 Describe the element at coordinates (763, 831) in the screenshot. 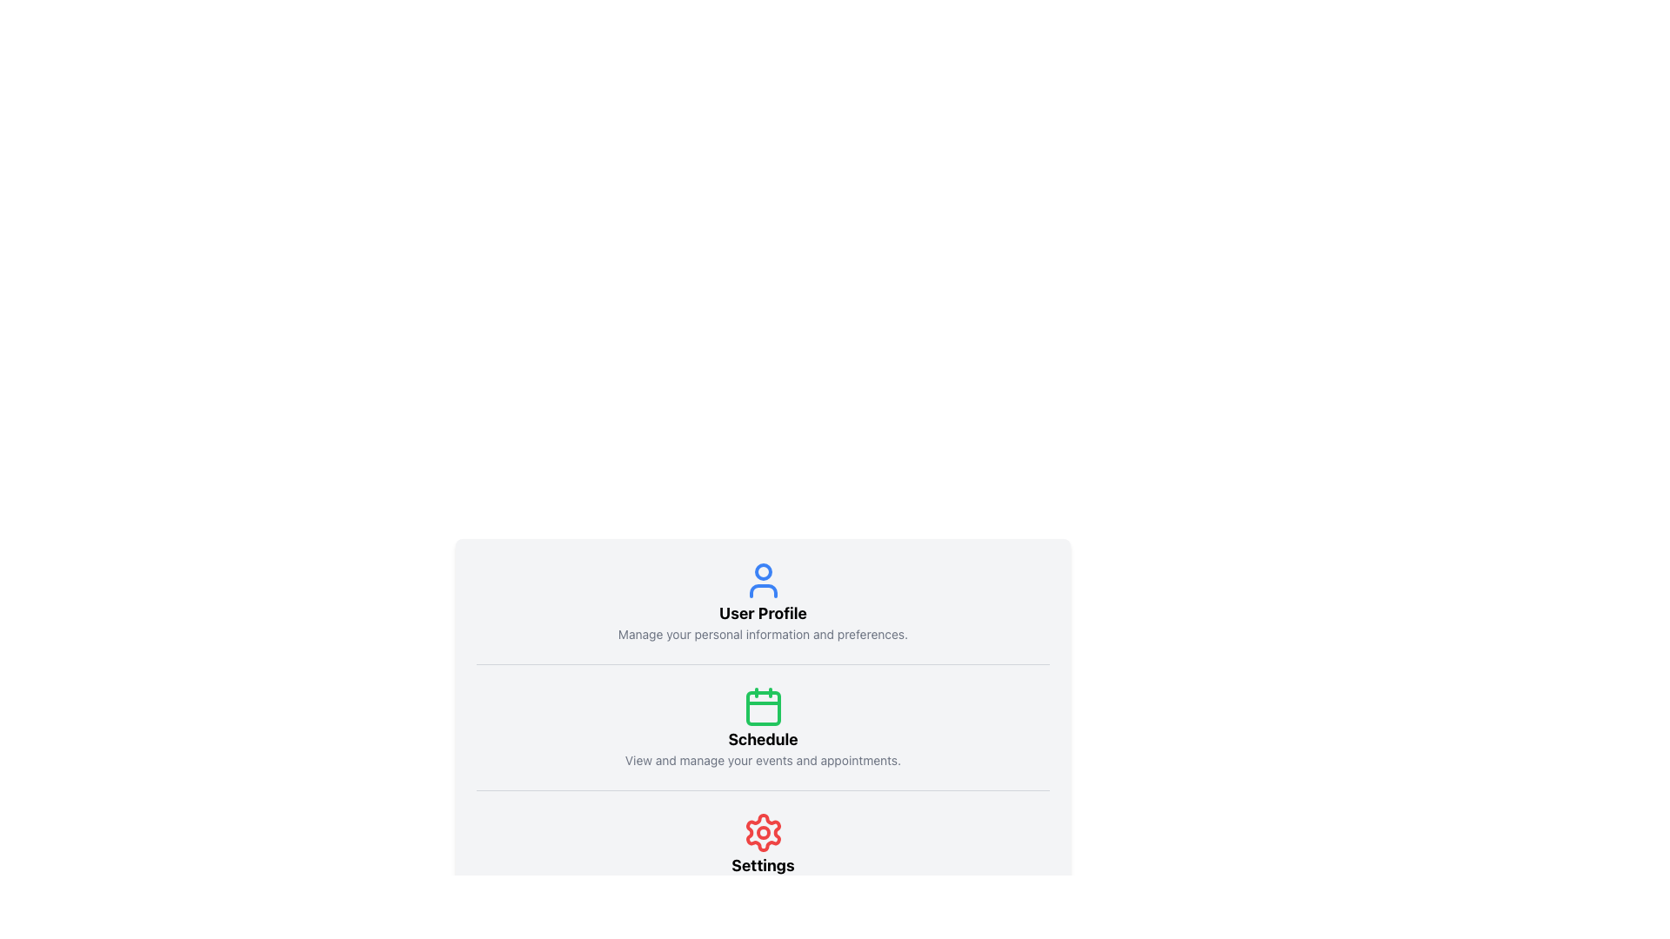

I see `the small red circular shape that is part of the settings-related icon located below the 'Settings' text` at that location.